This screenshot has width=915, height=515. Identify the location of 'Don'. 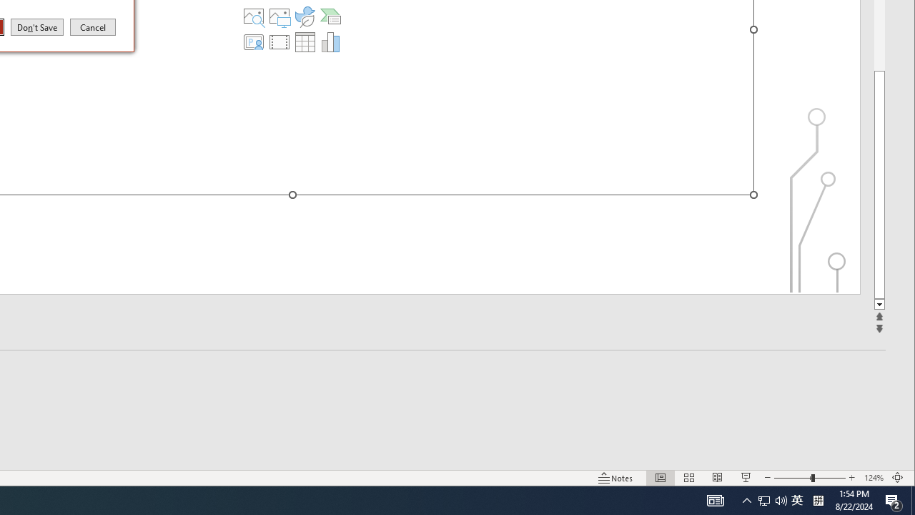
(37, 26).